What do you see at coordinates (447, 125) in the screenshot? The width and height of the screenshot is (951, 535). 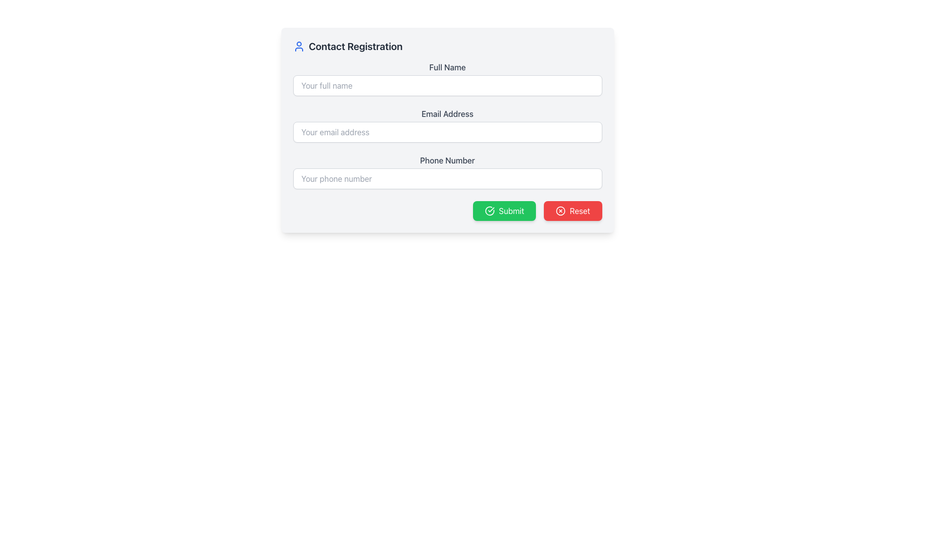 I see `the email input field labeled 'Email Address' to focus on it` at bounding box center [447, 125].